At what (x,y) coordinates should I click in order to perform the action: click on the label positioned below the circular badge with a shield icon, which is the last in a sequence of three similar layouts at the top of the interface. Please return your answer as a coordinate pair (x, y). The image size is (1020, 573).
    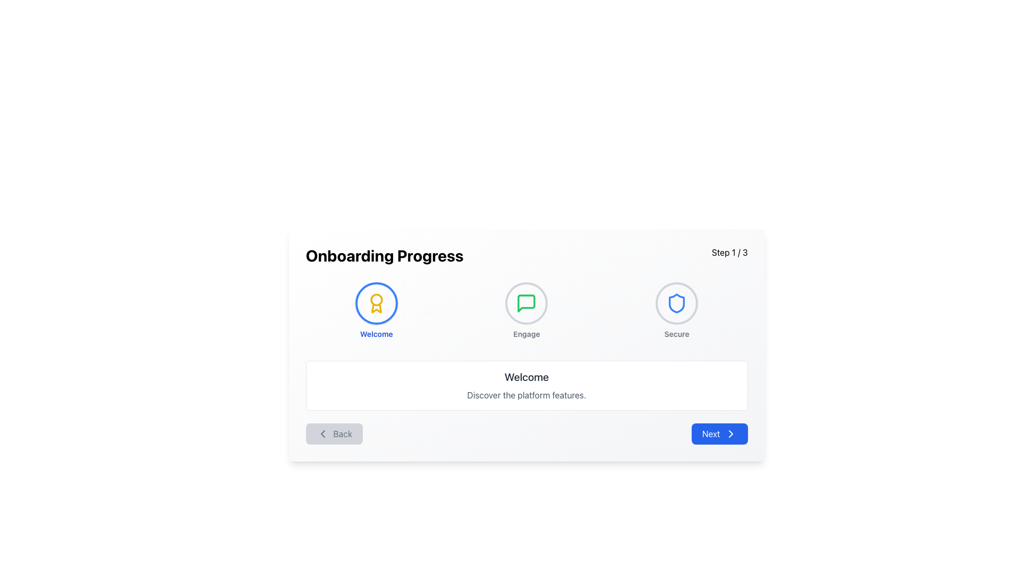
    Looking at the image, I should click on (676, 333).